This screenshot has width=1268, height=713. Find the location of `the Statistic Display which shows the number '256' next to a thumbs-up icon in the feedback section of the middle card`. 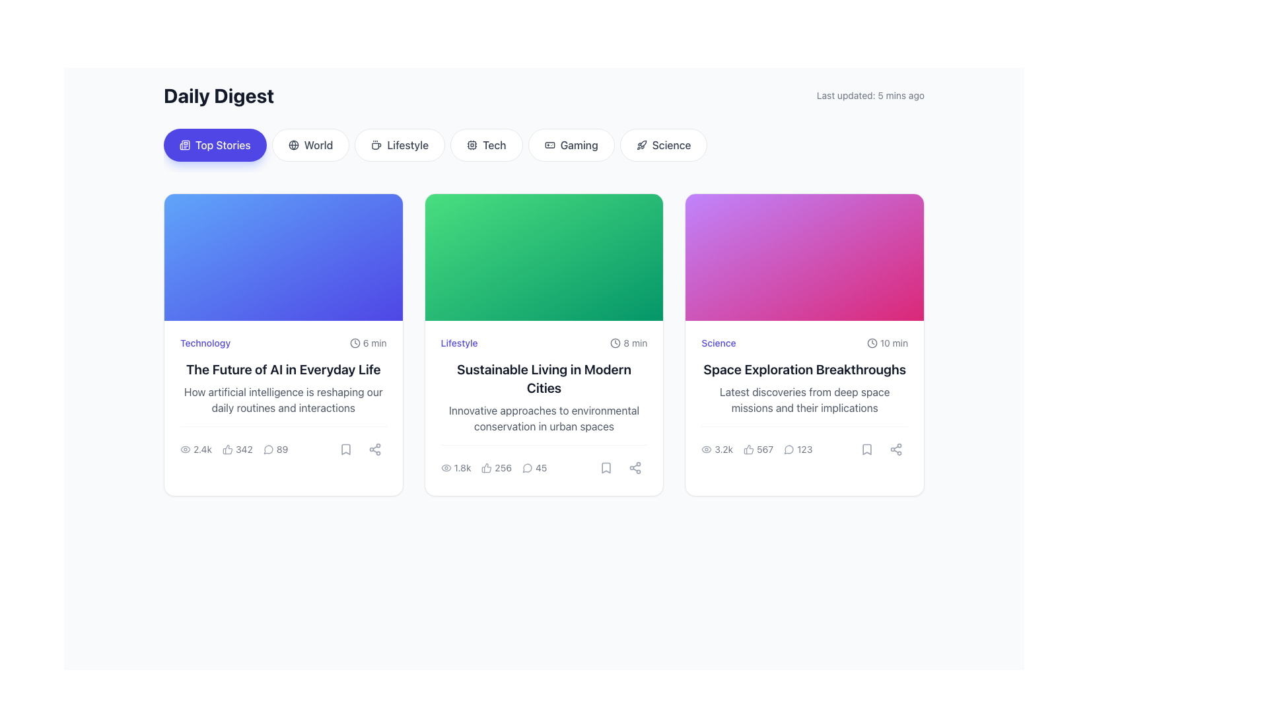

the Statistic Display which shows the number '256' next to a thumbs-up icon in the feedback section of the middle card is located at coordinates (493, 467).